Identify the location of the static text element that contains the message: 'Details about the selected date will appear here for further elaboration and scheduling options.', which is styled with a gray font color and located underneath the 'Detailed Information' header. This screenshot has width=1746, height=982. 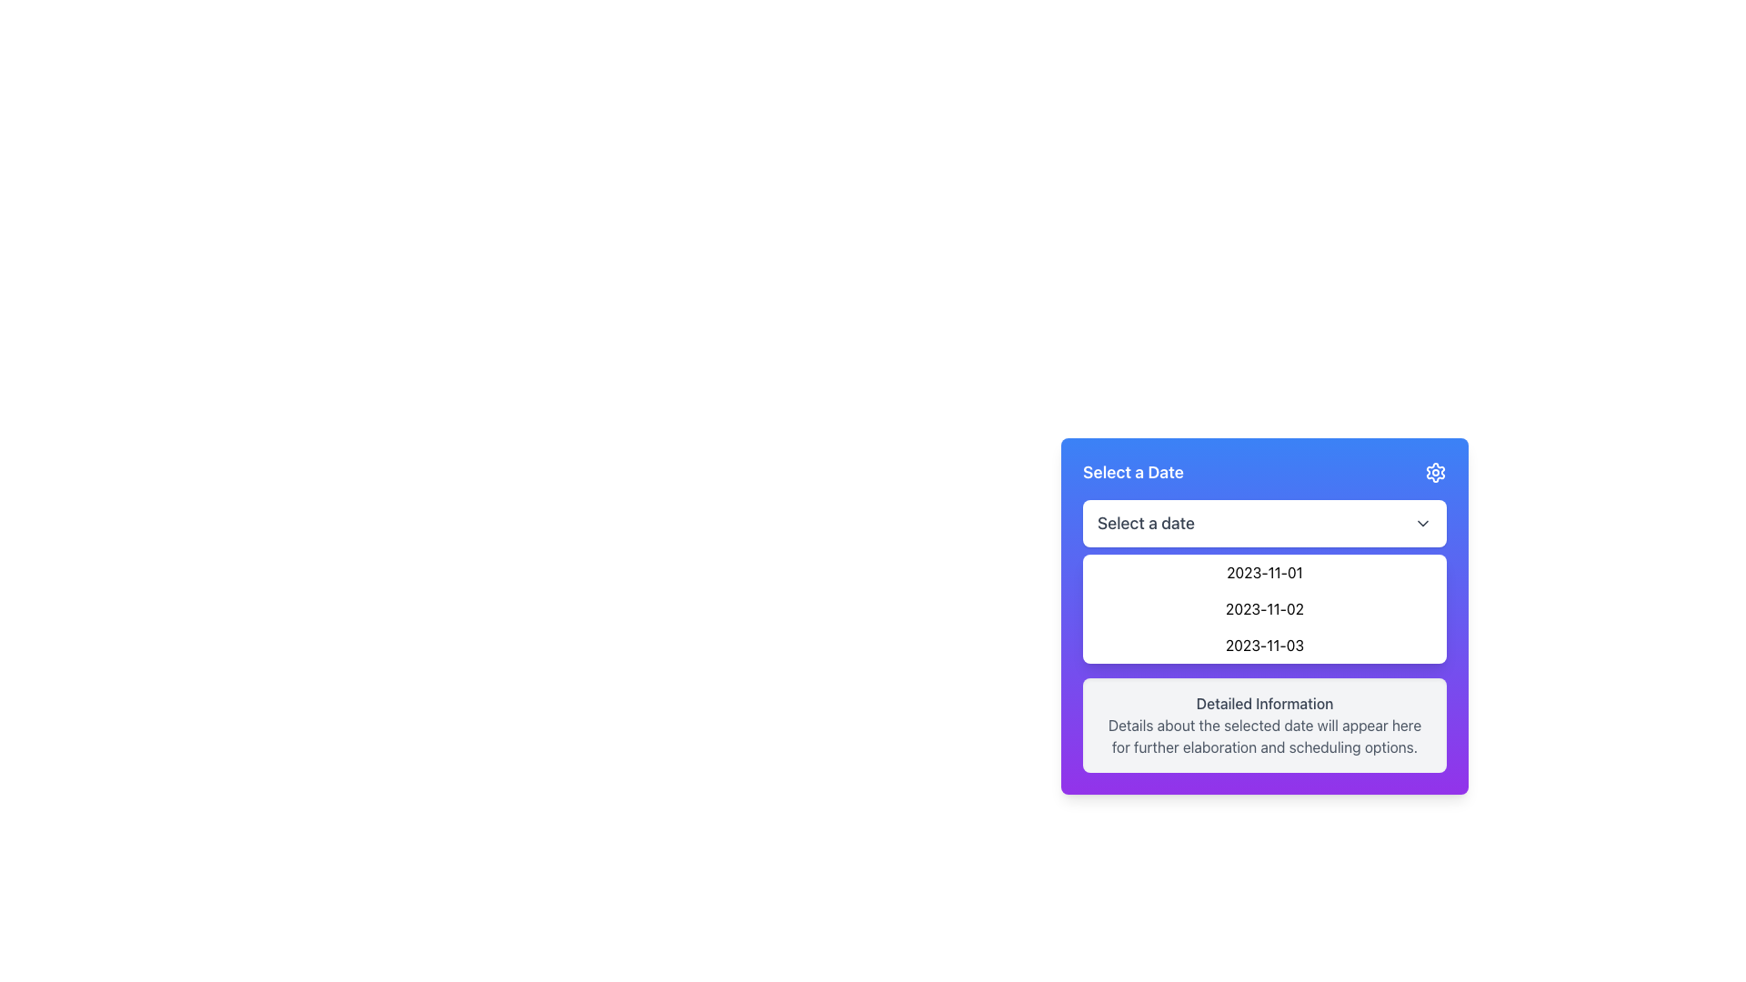
(1264, 736).